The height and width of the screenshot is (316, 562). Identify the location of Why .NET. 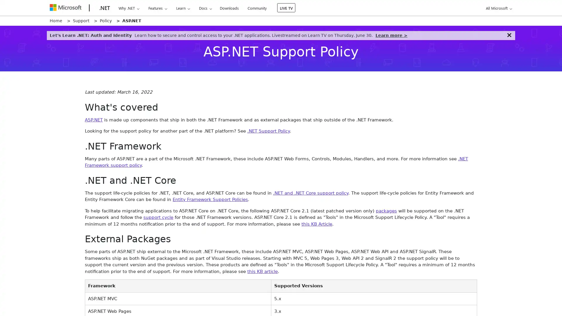
(128, 8).